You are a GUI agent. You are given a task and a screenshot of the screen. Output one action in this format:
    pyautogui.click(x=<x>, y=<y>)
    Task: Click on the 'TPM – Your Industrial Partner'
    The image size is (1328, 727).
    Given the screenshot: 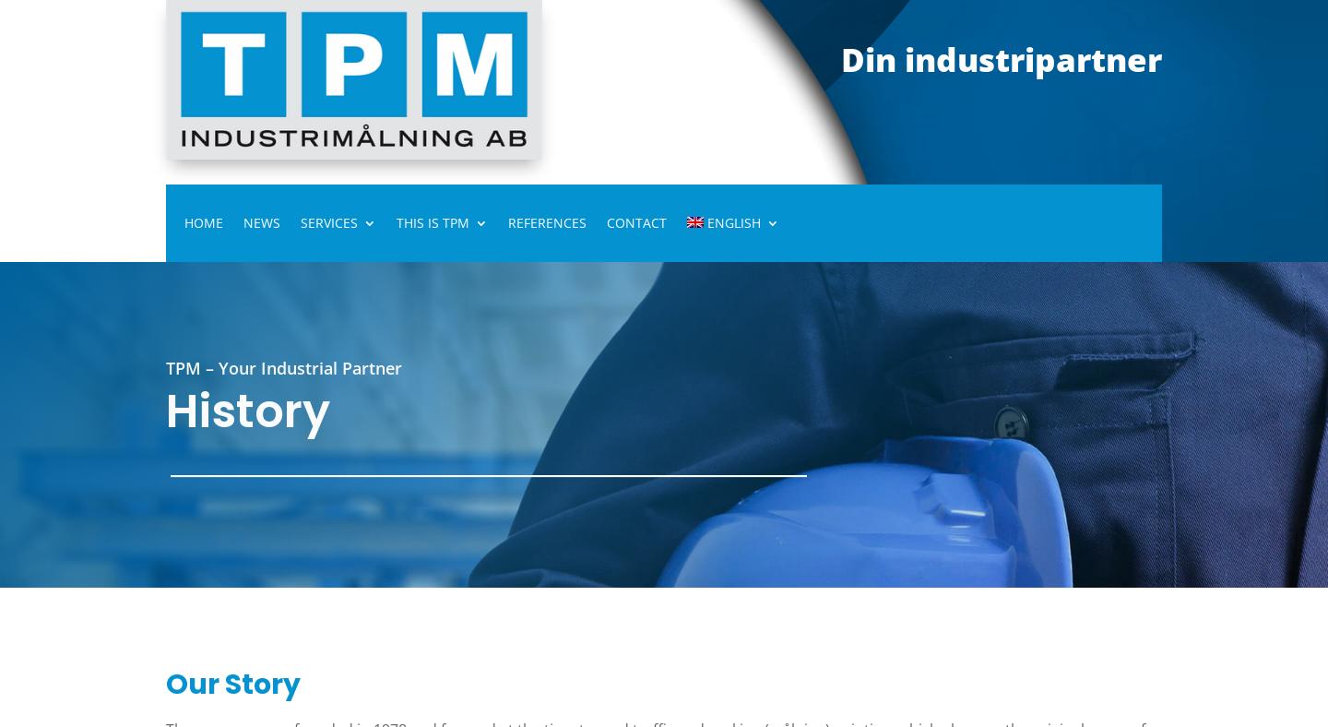 What is the action you would take?
    pyautogui.click(x=284, y=366)
    